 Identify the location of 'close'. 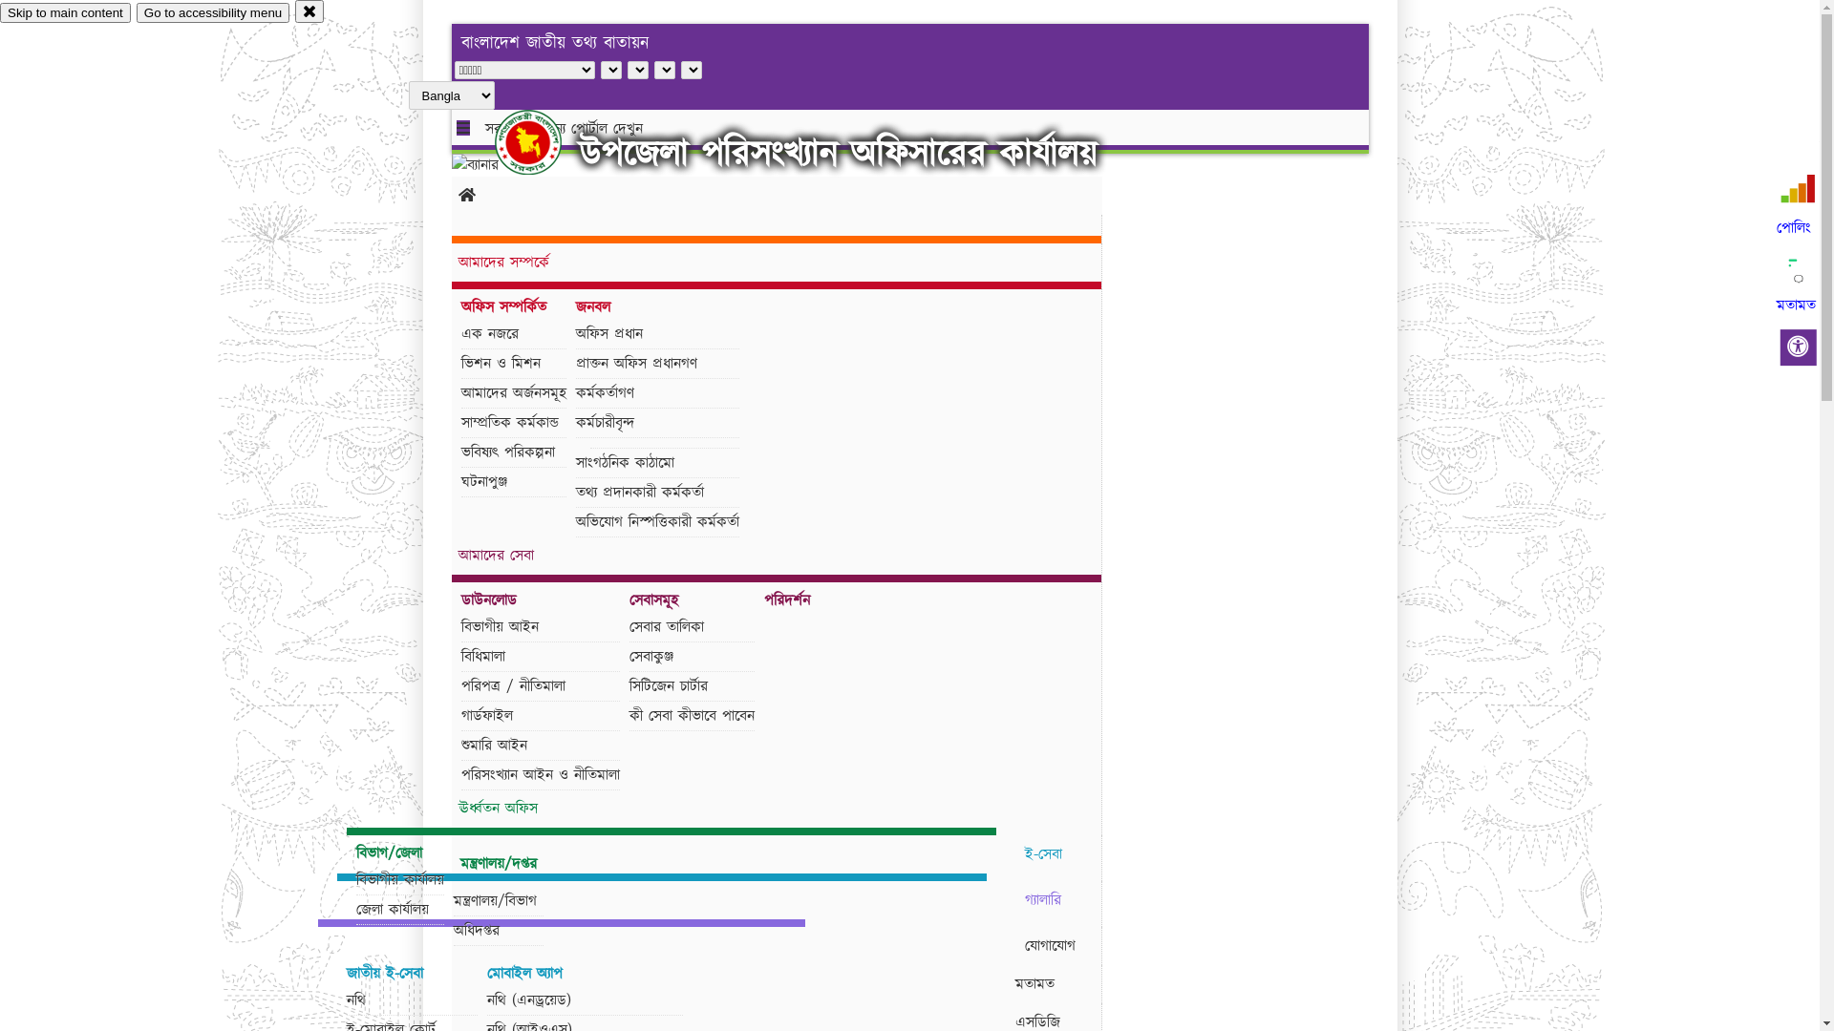
(309, 11).